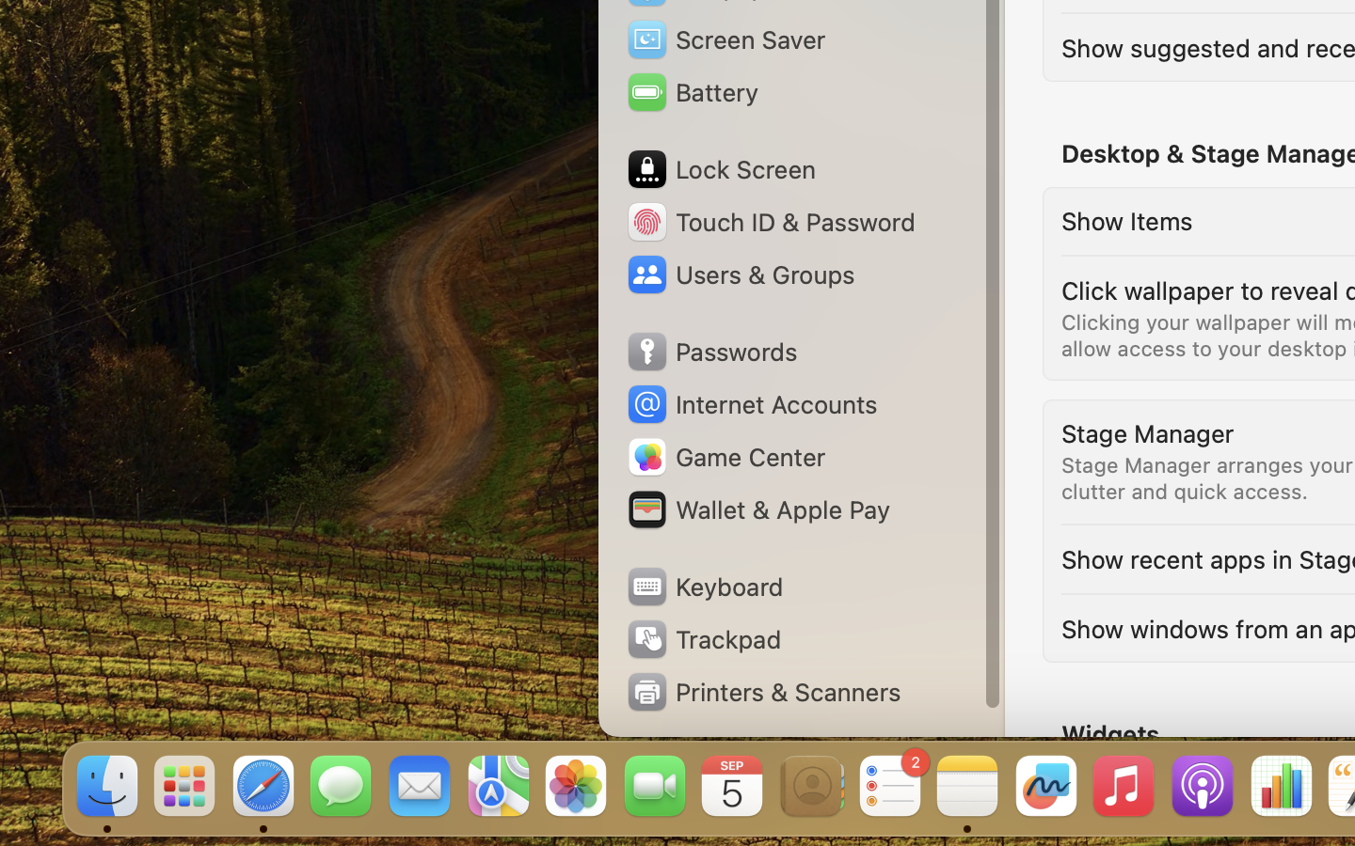 This screenshot has width=1355, height=846. I want to click on 'Trackpad', so click(702, 638).